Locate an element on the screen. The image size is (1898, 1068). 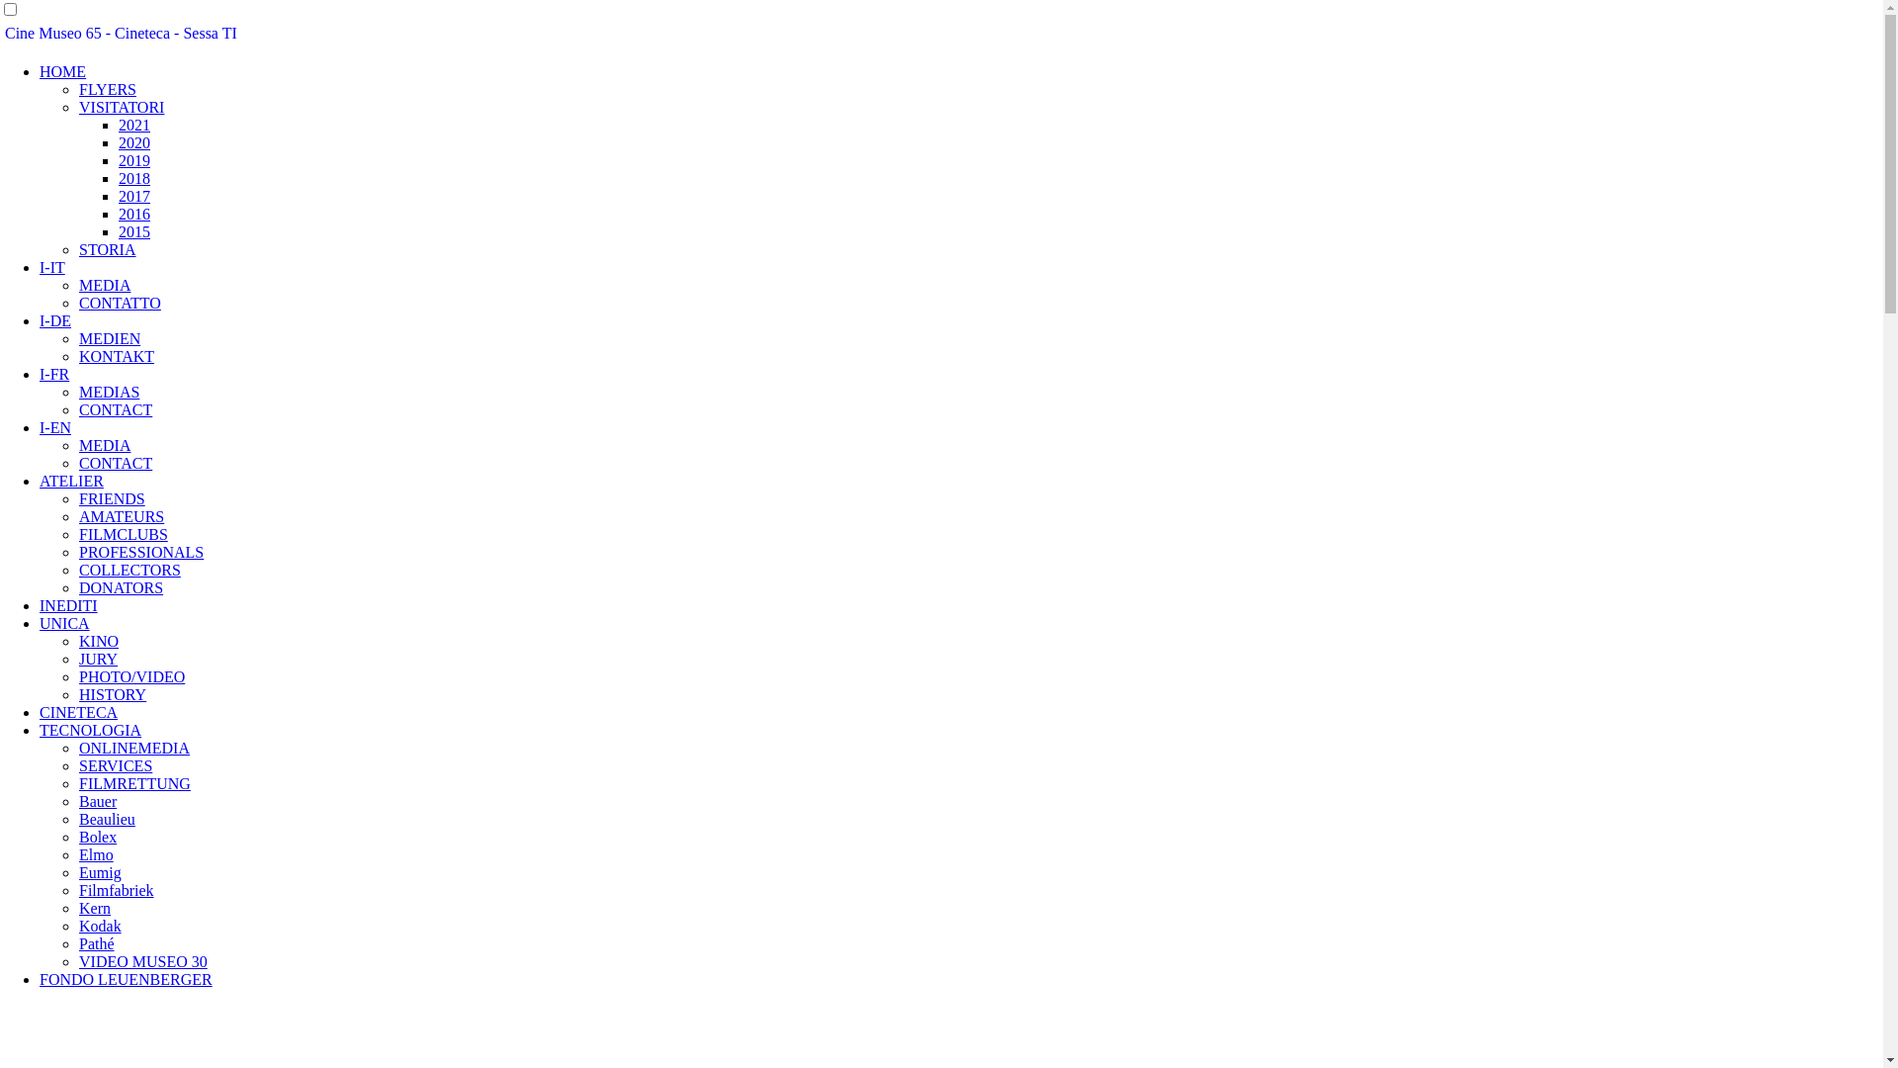
'FONDO LEUENBERGER' is located at coordinates (39, 979).